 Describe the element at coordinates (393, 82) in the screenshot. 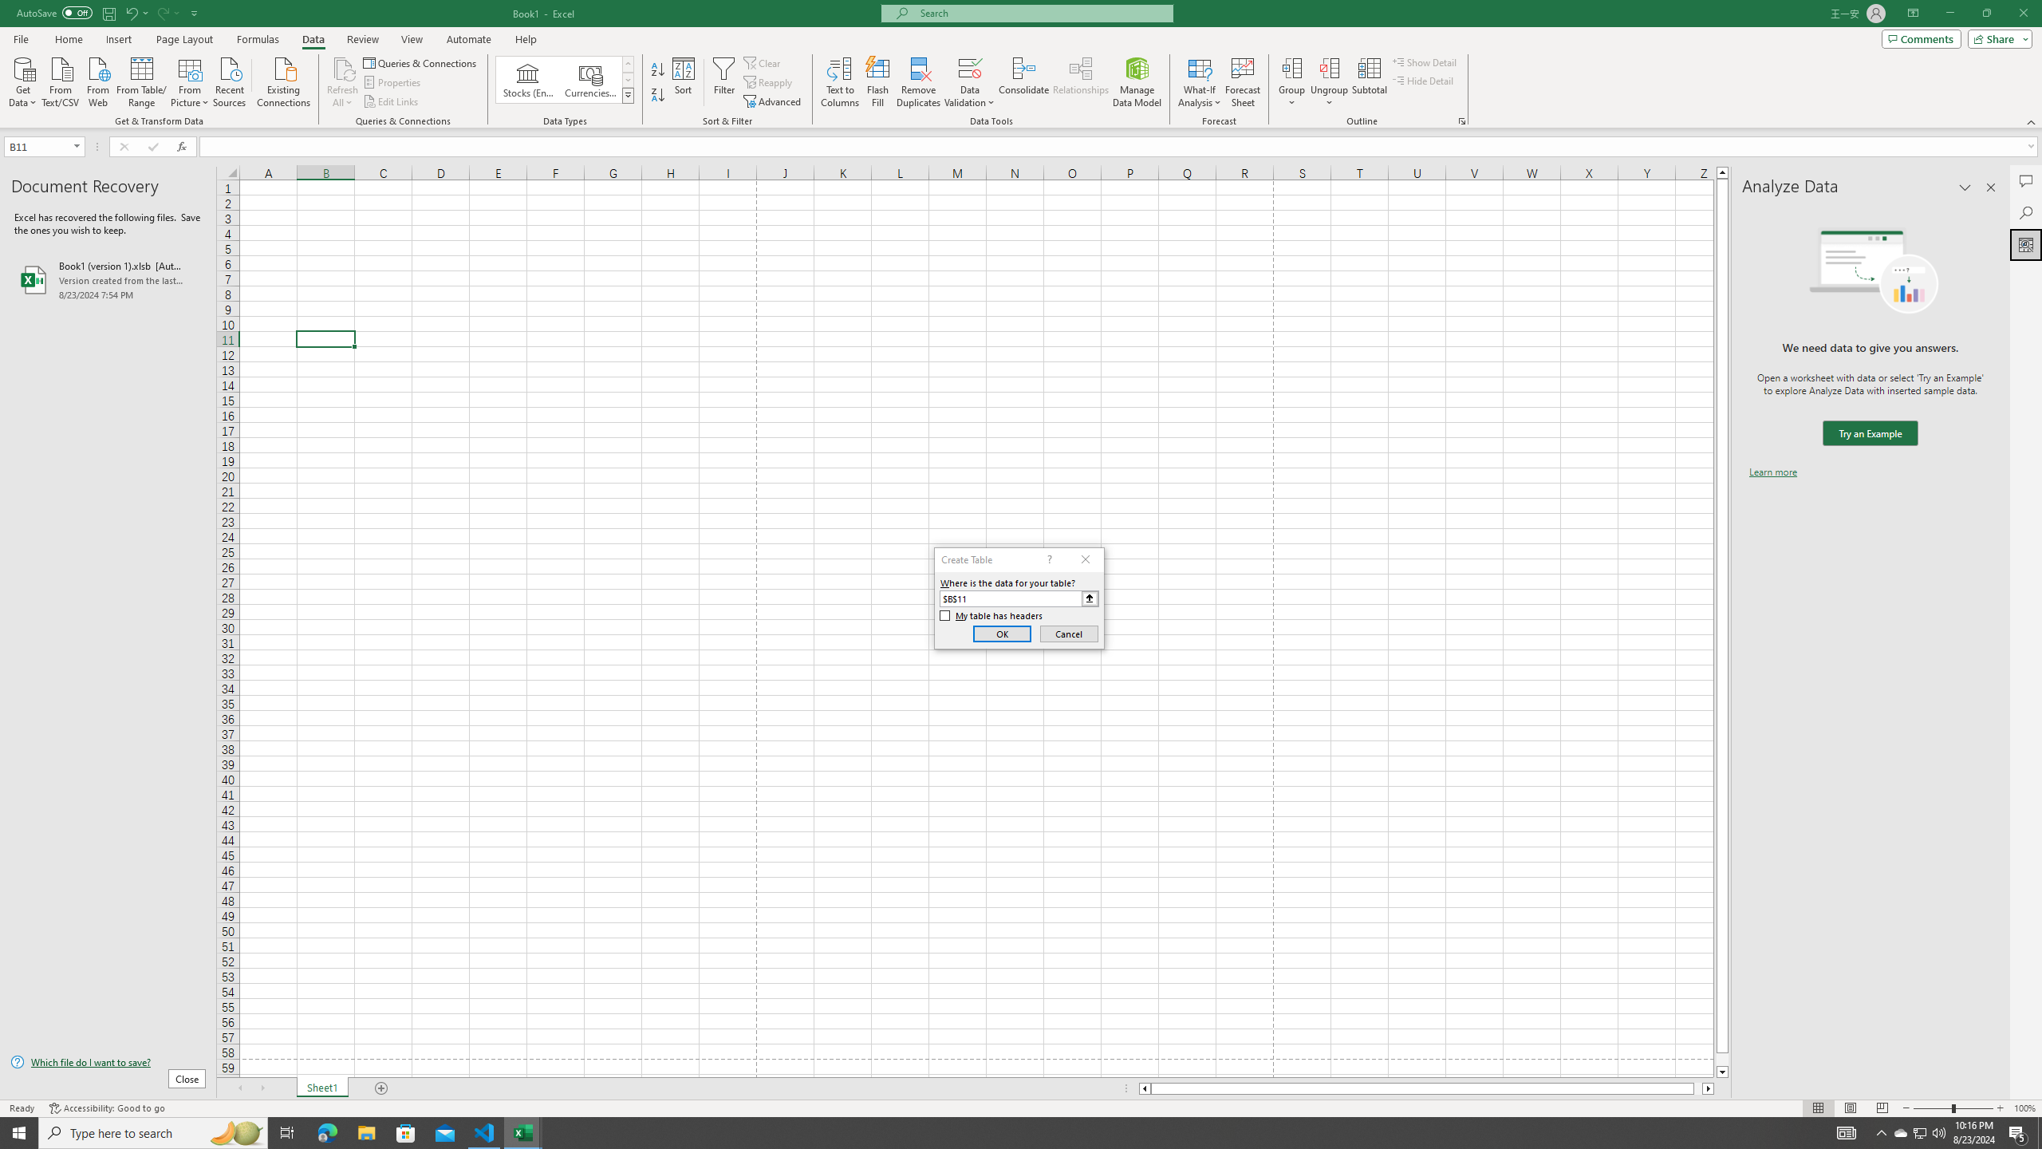

I see `'Properties'` at that location.